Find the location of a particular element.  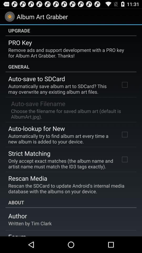

choose the filename is located at coordinates (70, 114).